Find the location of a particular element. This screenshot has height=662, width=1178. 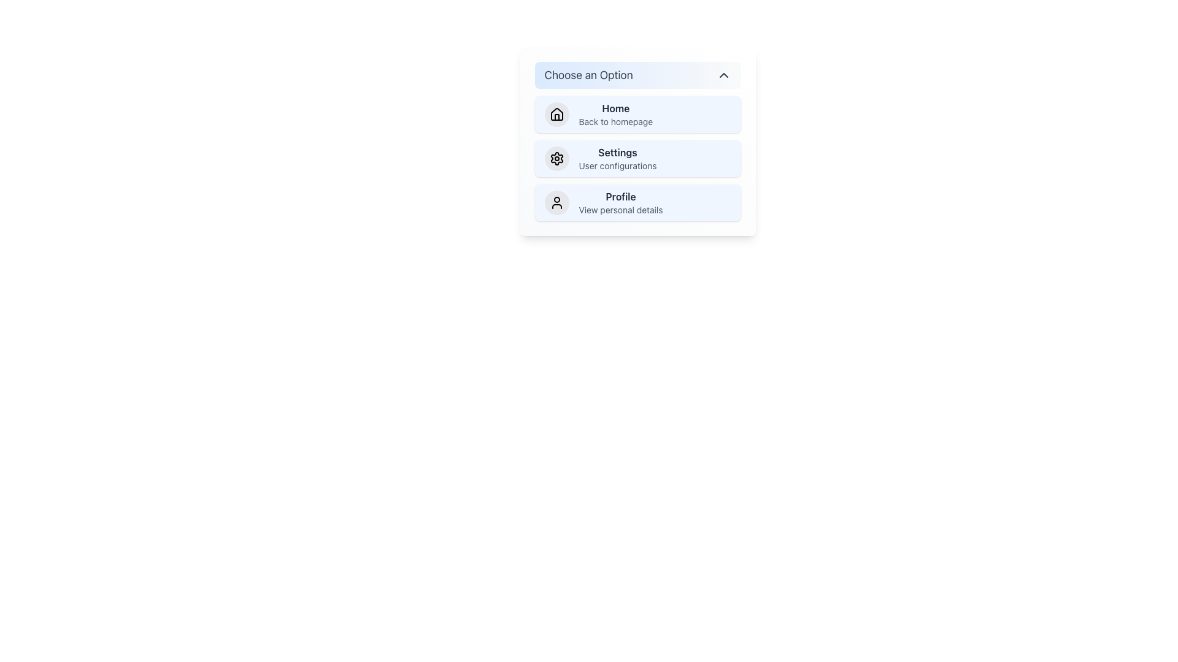

the first navigation button in the vertical list is located at coordinates (637, 114).